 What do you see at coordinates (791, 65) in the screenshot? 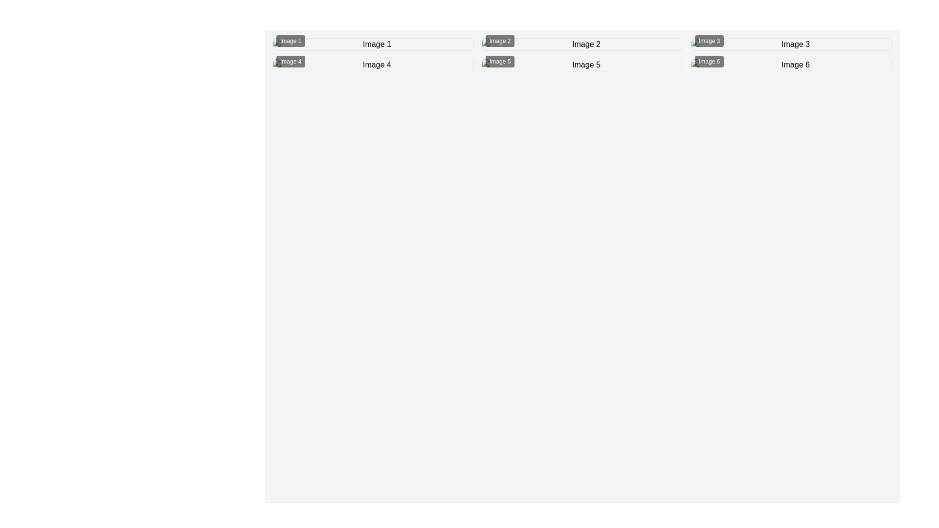
I see `the image thumbnail labeled 'Image 6'` at bounding box center [791, 65].